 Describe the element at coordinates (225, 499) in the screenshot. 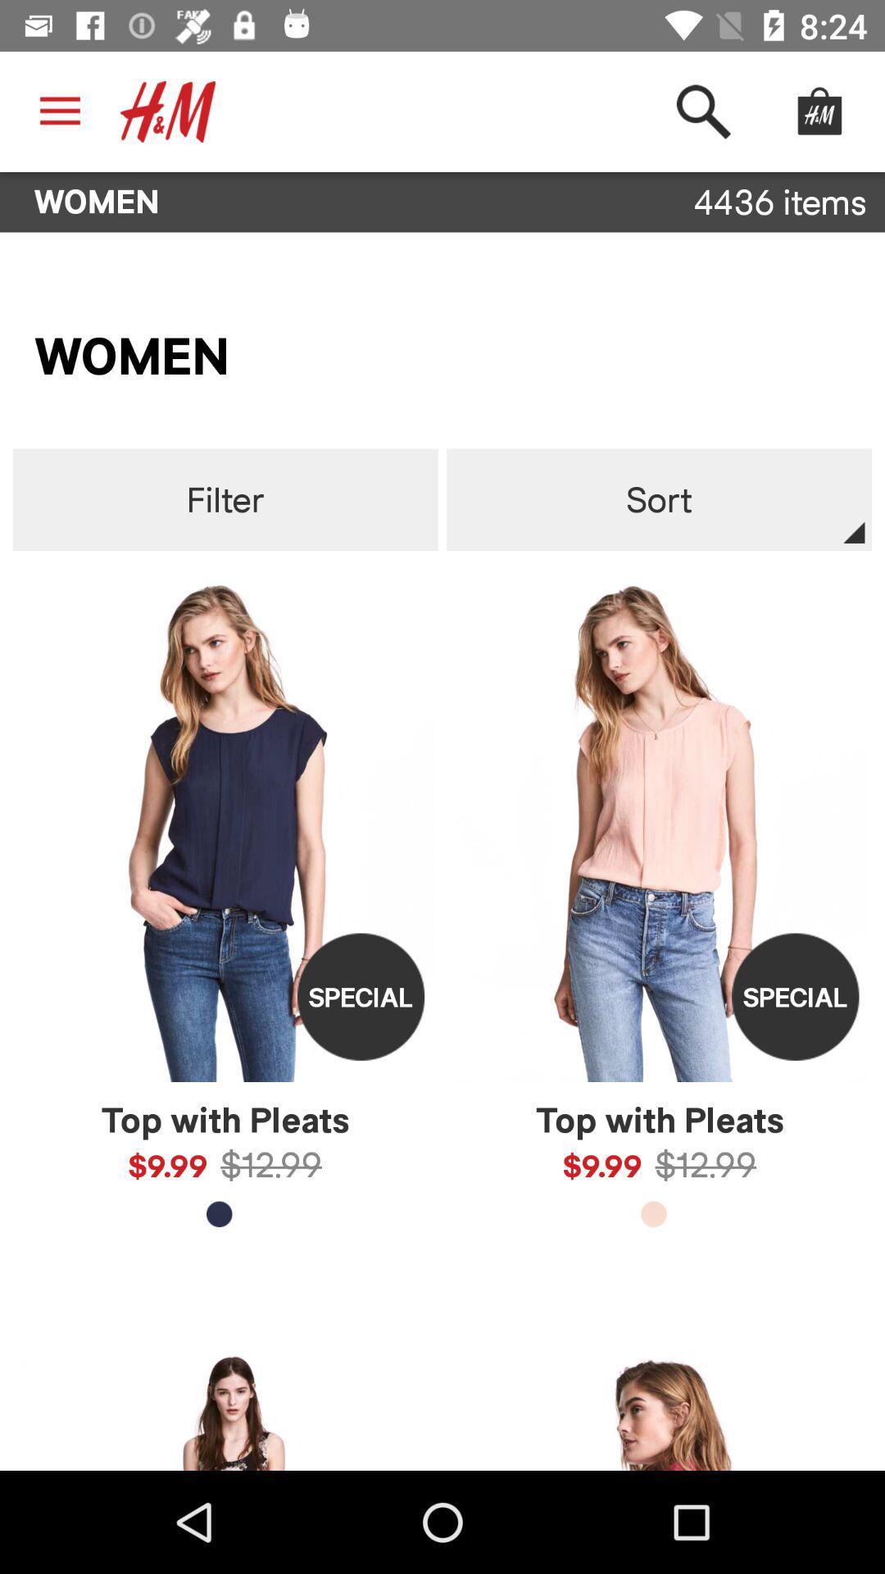

I see `filter item` at that location.